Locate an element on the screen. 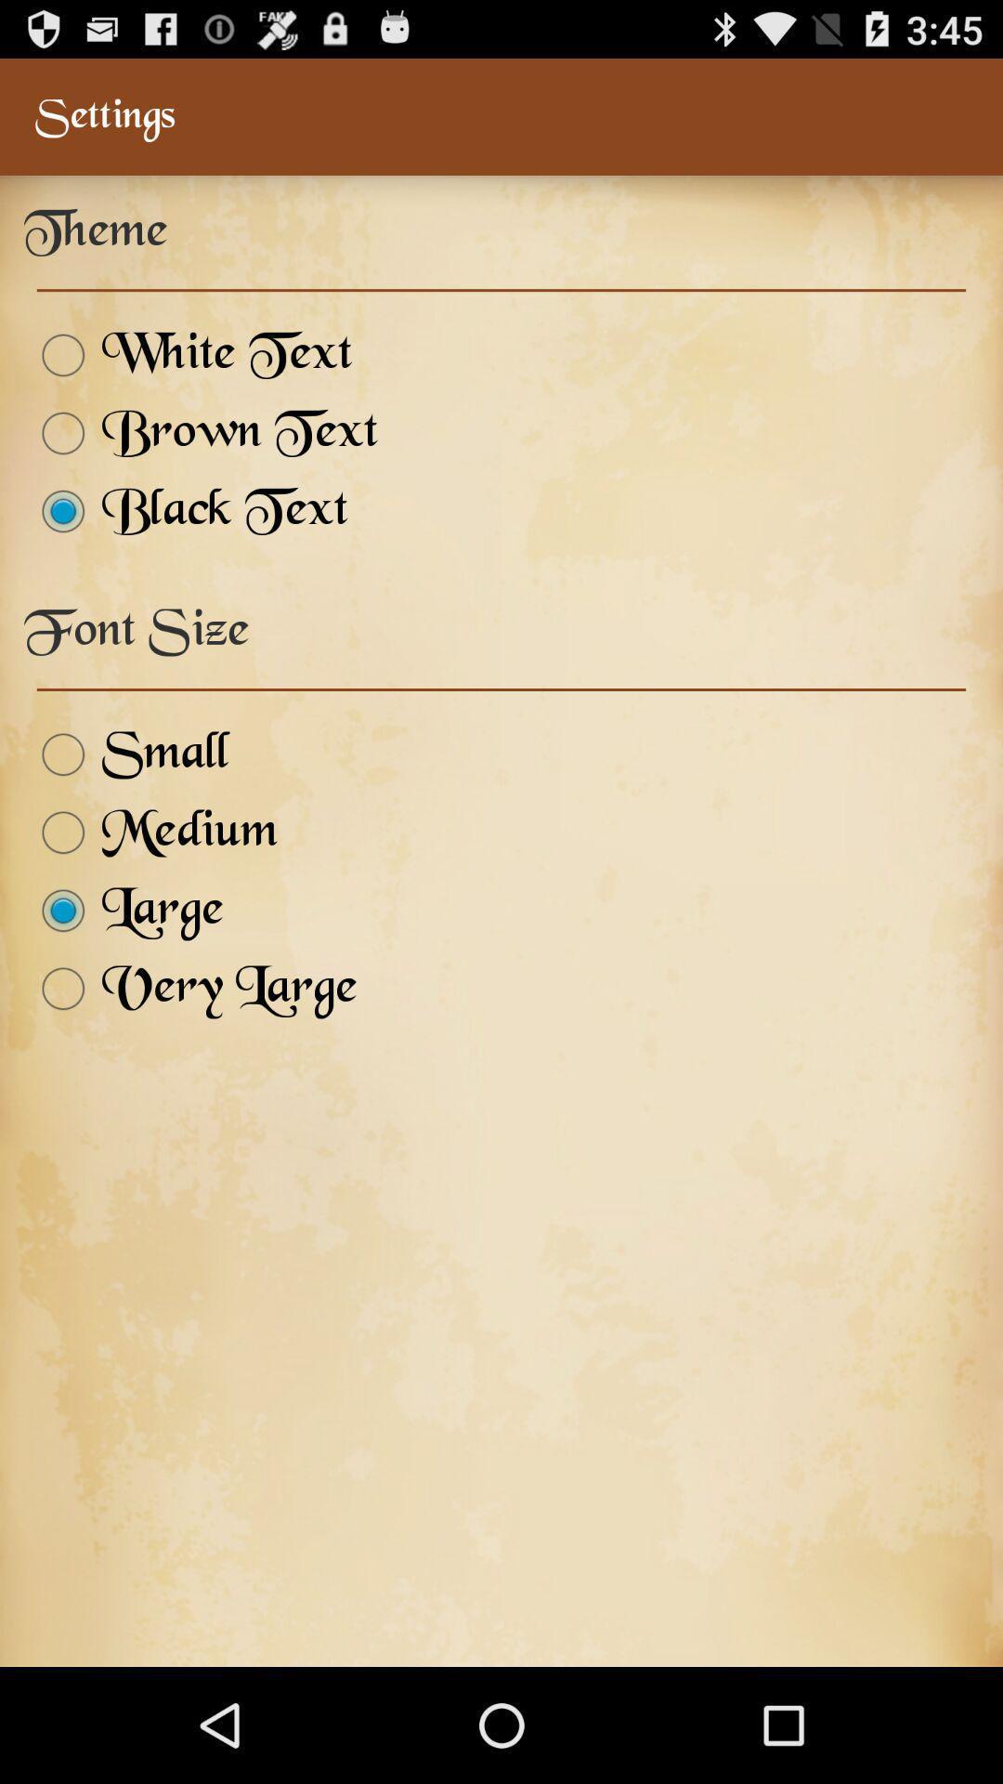  the black text is located at coordinates (186, 511).